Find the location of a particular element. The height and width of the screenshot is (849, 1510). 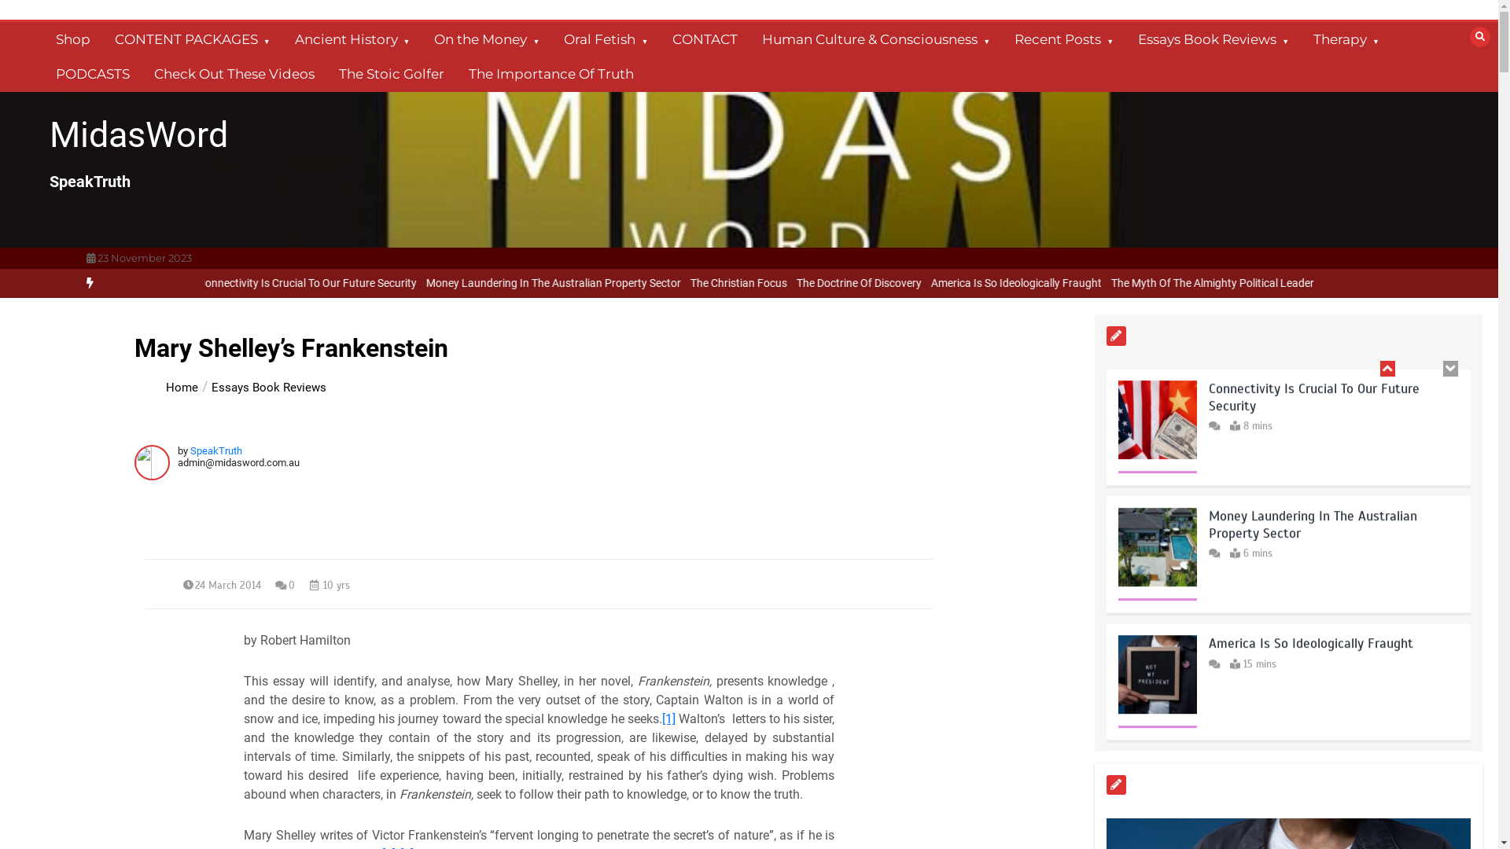

'The Stoic Golfer' is located at coordinates (331, 73).